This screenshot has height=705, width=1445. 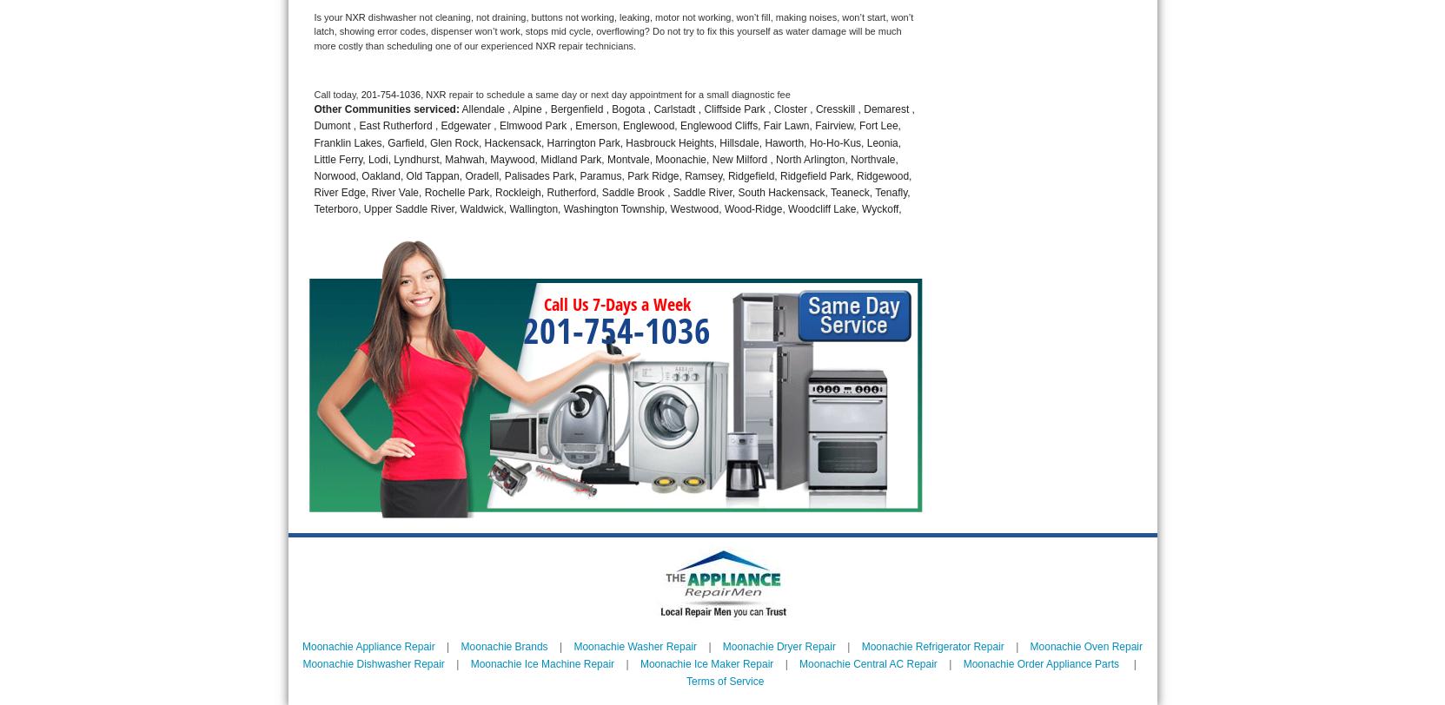 What do you see at coordinates (368, 647) in the screenshot?
I see `'Moonachie Appliance Repair'` at bounding box center [368, 647].